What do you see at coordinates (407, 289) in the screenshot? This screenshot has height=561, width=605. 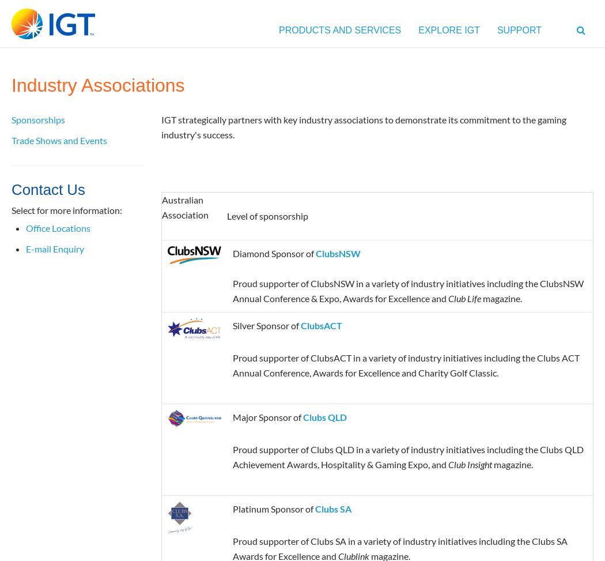 I see `'Proud supporter of ClubsNSW in a variety of industry initiatives including the ClubsNSW Annual Conference & Expo, Awards for Excellence and'` at bounding box center [407, 289].